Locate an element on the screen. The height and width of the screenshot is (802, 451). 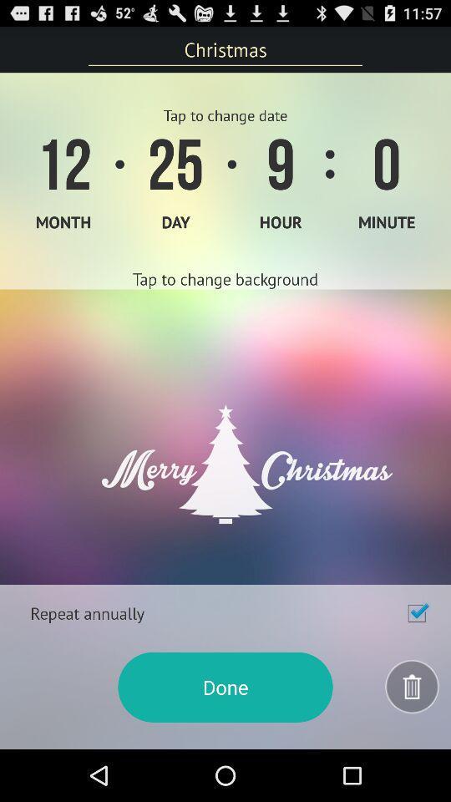
delete is located at coordinates (412, 687).